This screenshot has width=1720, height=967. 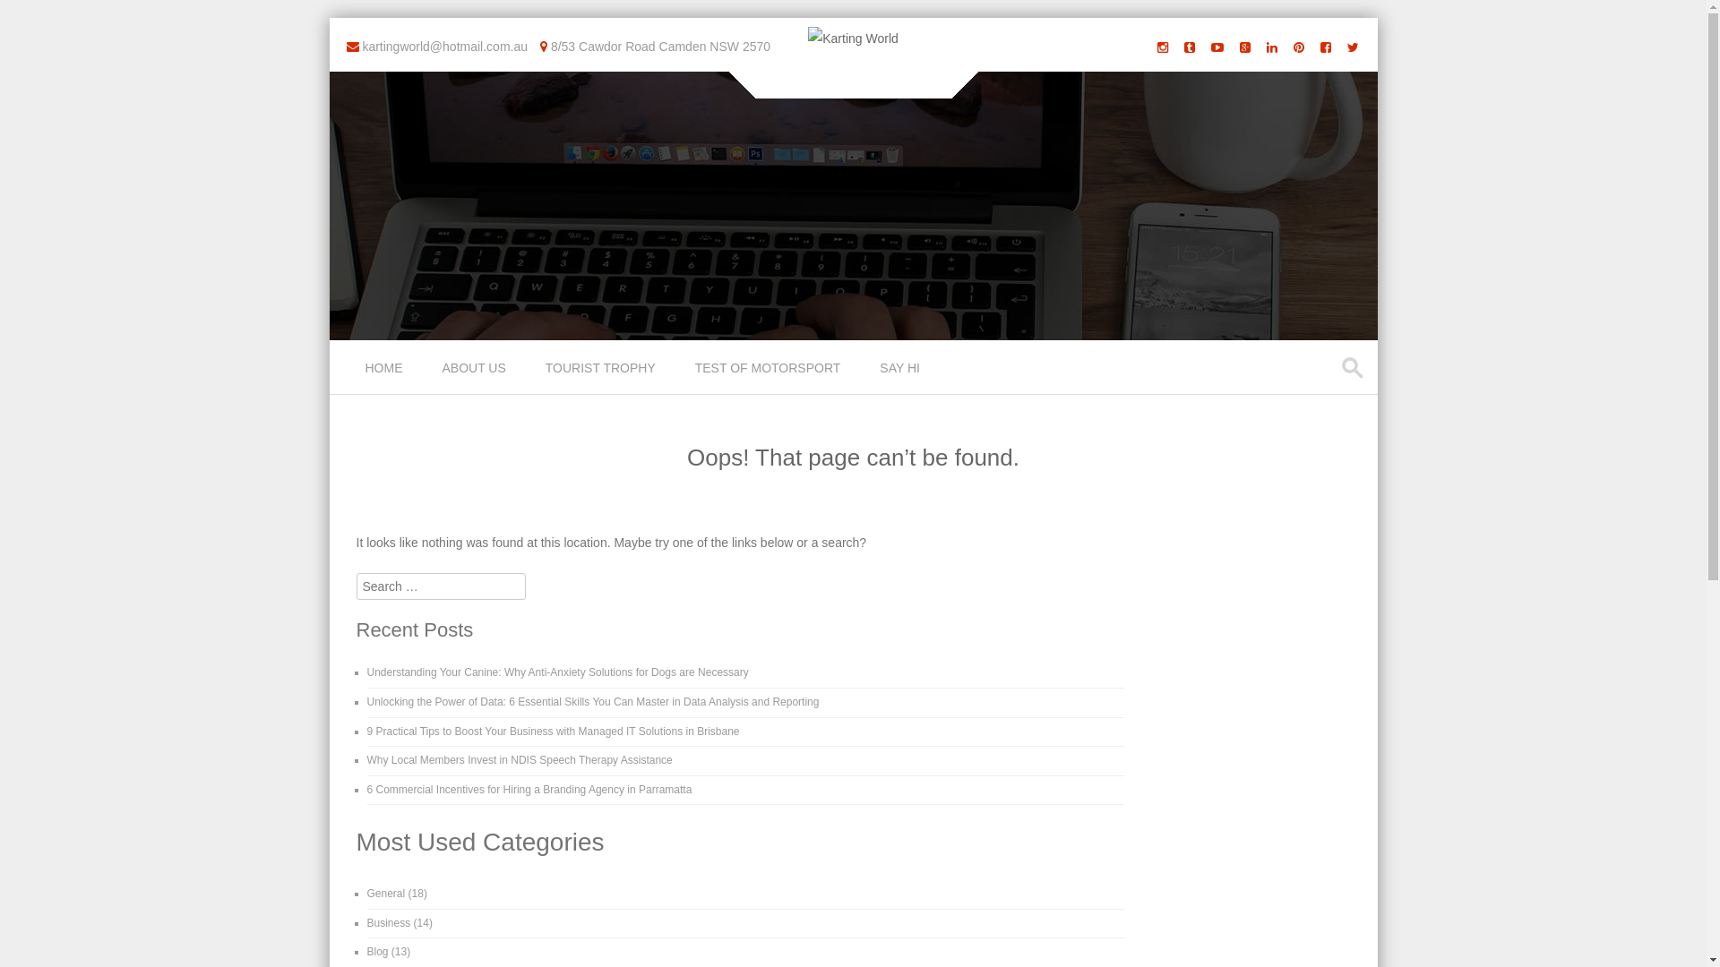 I want to click on 'TOURIST TROPHY', so click(x=602, y=365).